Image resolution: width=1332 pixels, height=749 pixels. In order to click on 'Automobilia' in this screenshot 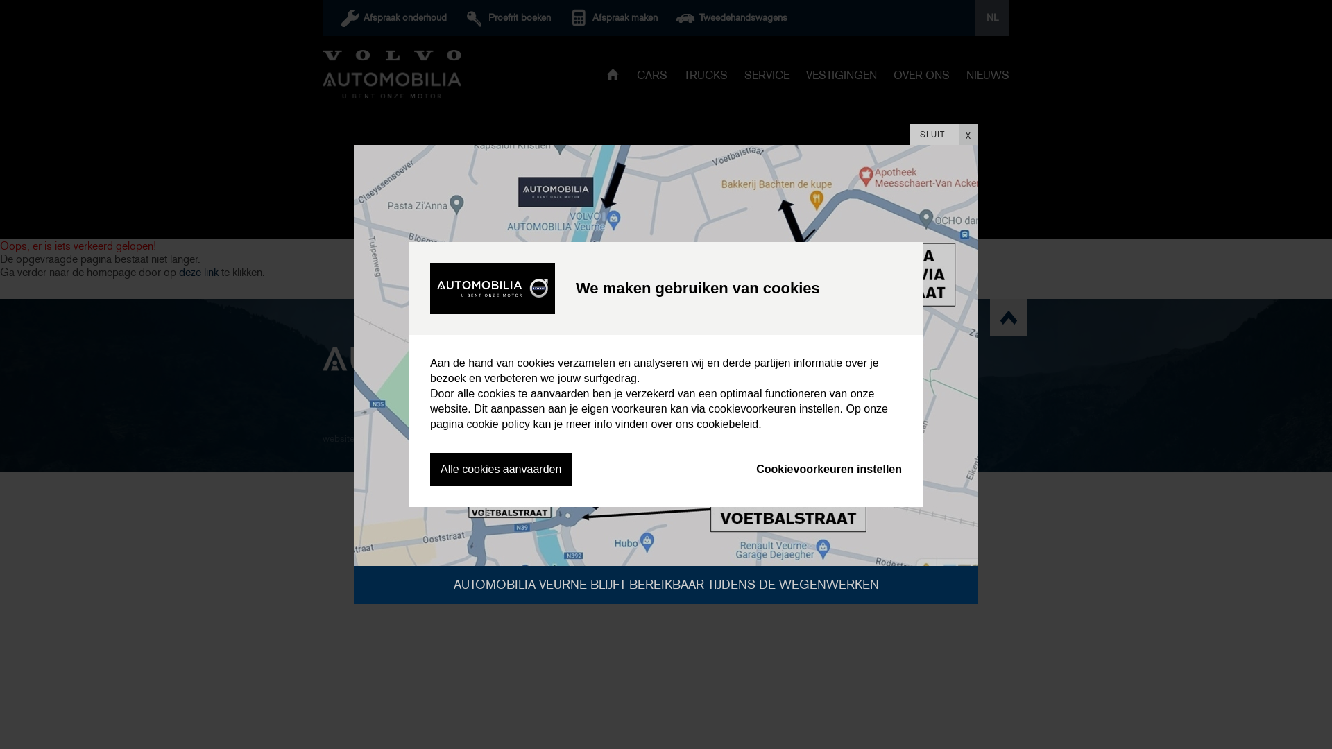, I will do `click(391, 74)`.